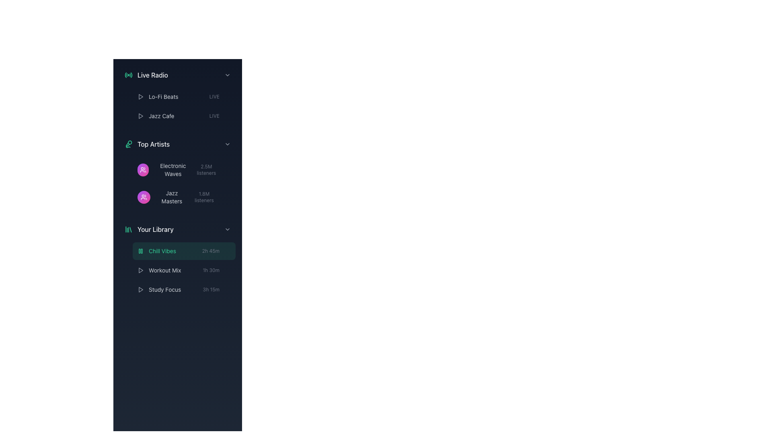 This screenshot has height=434, width=772. What do you see at coordinates (143, 170) in the screenshot?
I see `the category visually` at bounding box center [143, 170].